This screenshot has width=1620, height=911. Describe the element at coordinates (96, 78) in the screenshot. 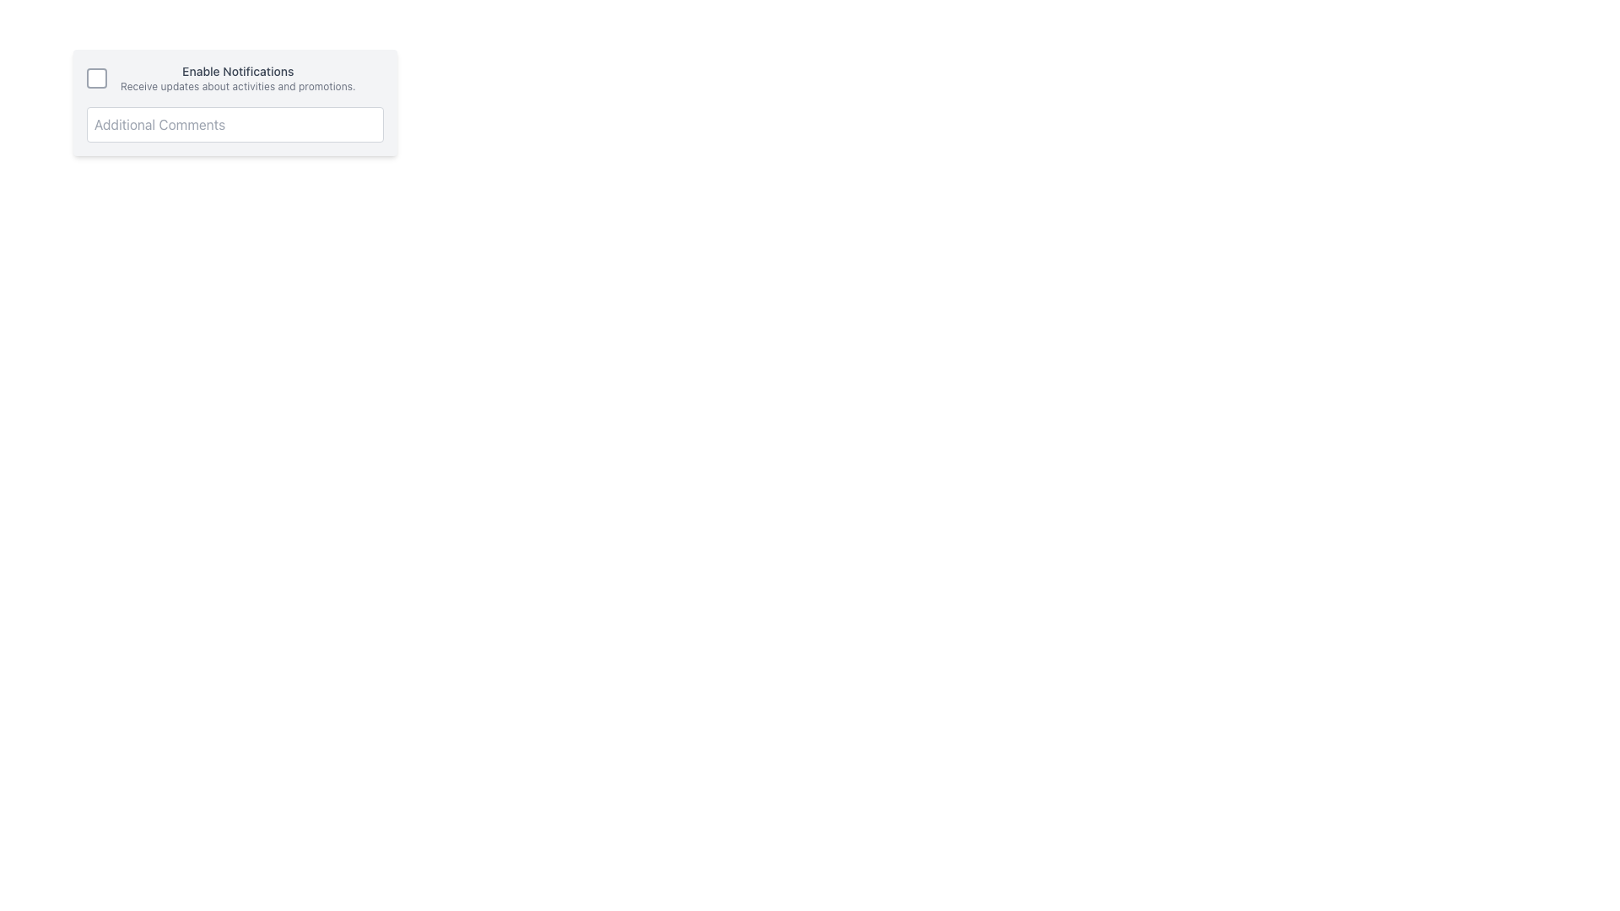

I see `the empty checkbox located to the left of the 'Enable Notifications' text` at that location.